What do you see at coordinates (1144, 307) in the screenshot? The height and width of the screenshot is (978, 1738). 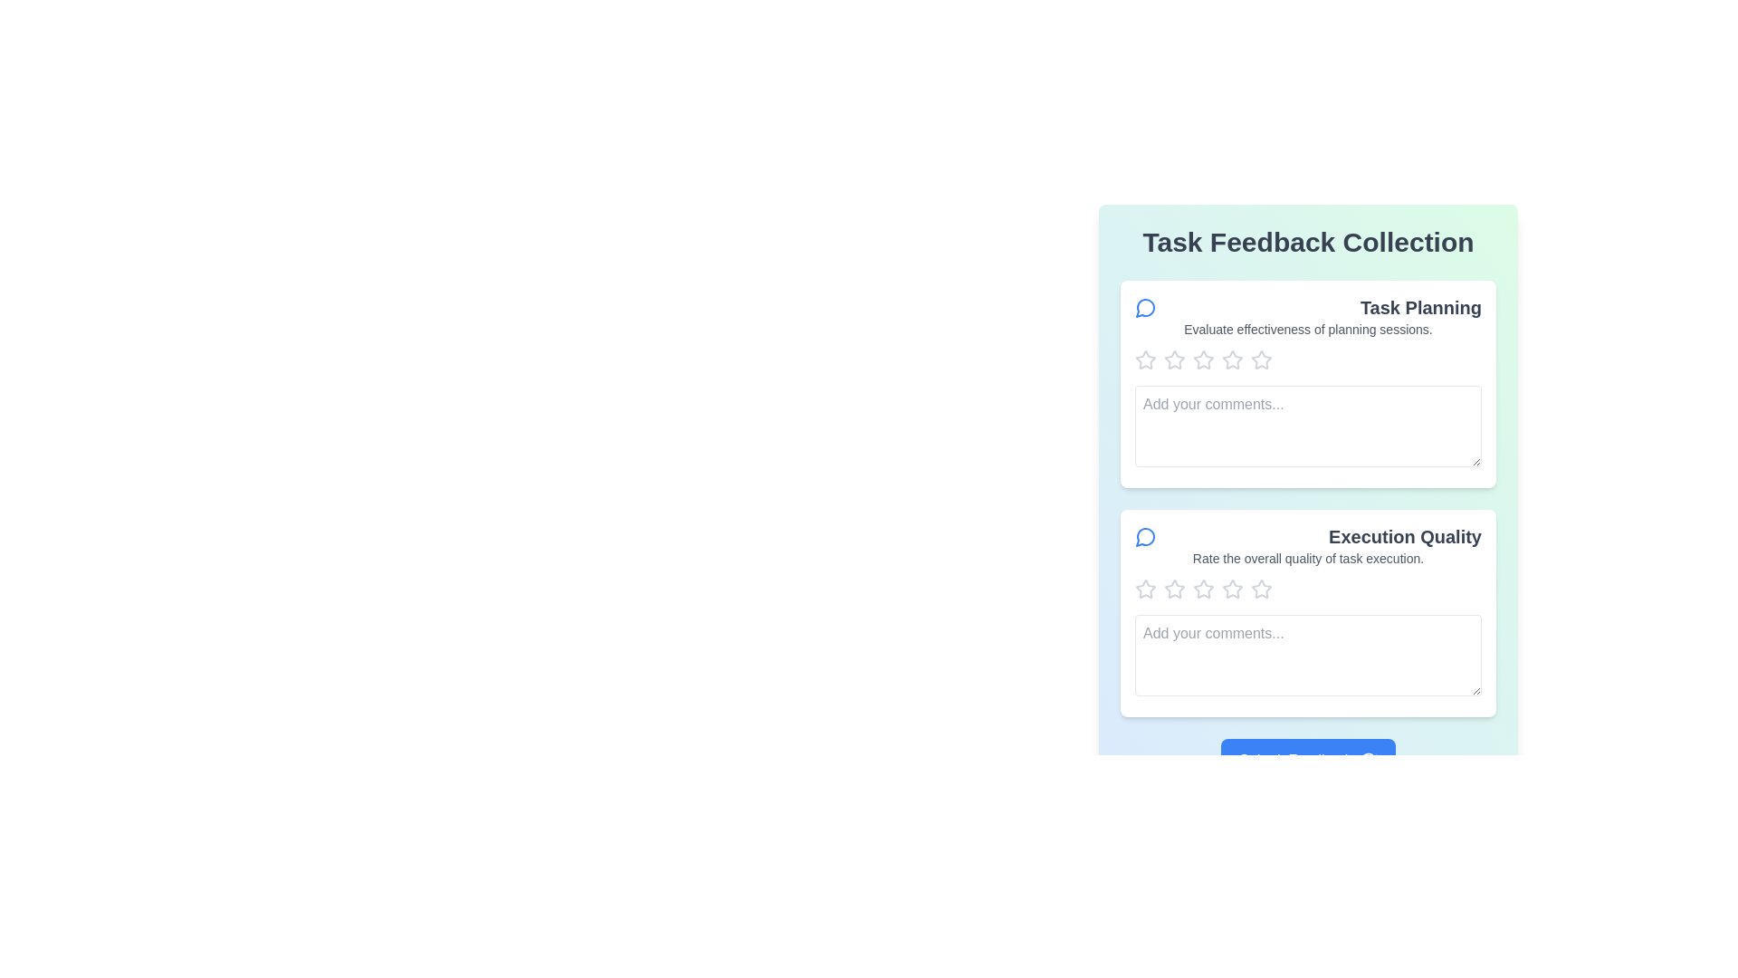 I see `the decorative SVG icon in the 'Task Planning' section of the 'Task Feedback Collection' interface, located near the top-left corner above the star rating feedback and comment input area` at bounding box center [1144, 307].